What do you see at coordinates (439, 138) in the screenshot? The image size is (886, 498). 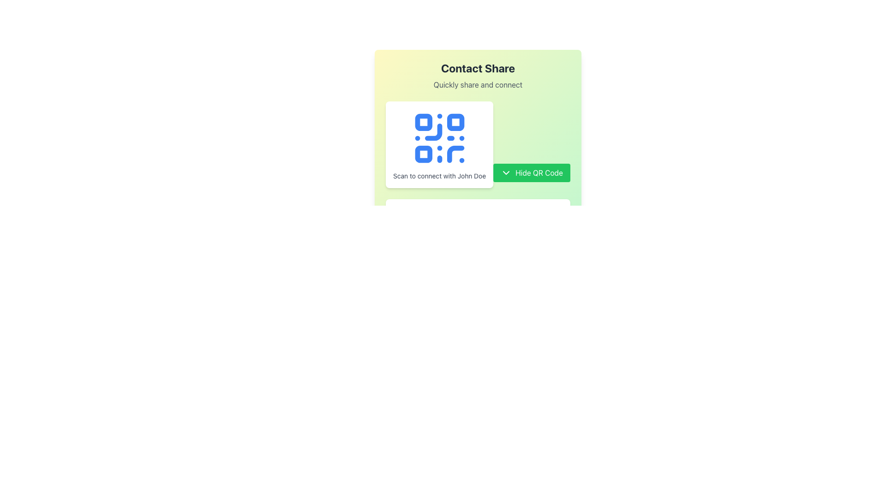 I see `the QR code icon, which is styled in blue and features a typical QR code pattern, centered within a white rounded rectangular card with the text 'Scan to connect with John Doe' below it` at bounding box center [439, 138].